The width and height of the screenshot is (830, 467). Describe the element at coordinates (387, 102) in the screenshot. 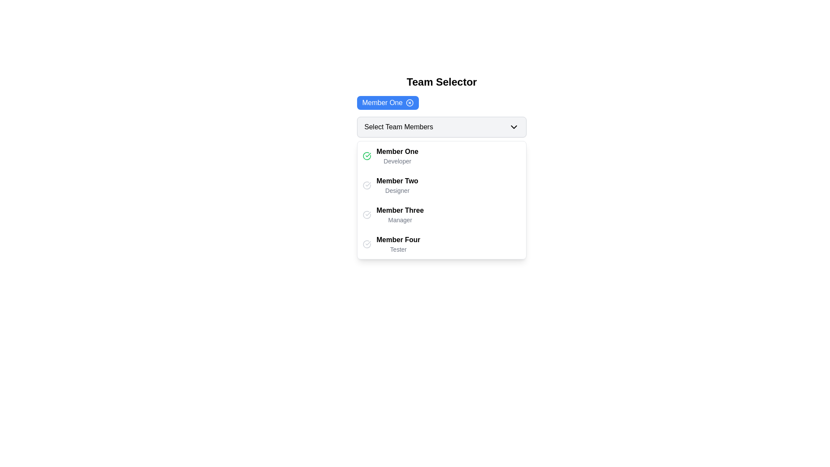

I see `the pill-shaped button labeled 'Member One' with a blue background and white text, located below the 'Team Selector' heading` at that location.